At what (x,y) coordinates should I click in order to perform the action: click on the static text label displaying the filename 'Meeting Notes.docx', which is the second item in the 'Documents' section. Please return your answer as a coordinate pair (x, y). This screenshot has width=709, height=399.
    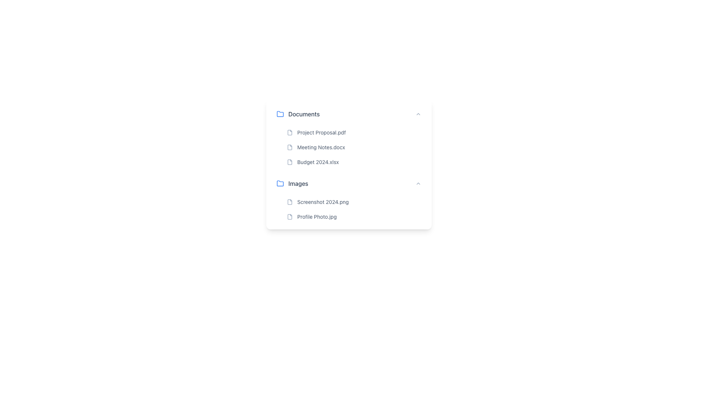
    Looking at the image, I should click on (321, 147).